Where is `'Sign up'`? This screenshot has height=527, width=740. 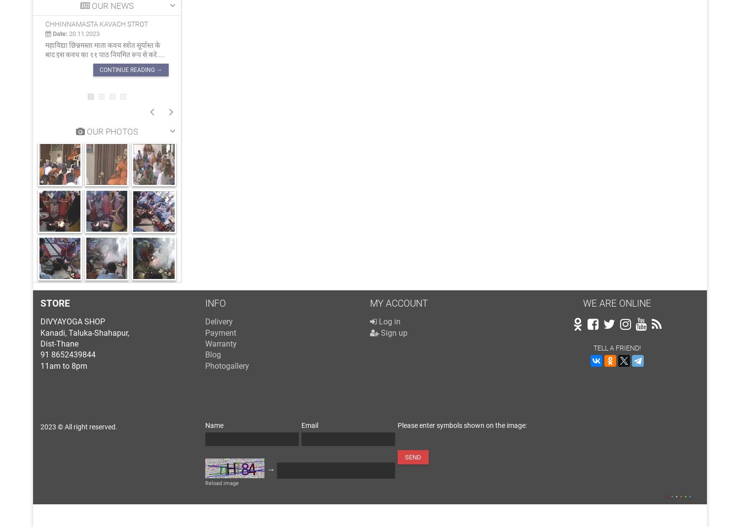 'Sign up' is located at coordinates (393, 332).